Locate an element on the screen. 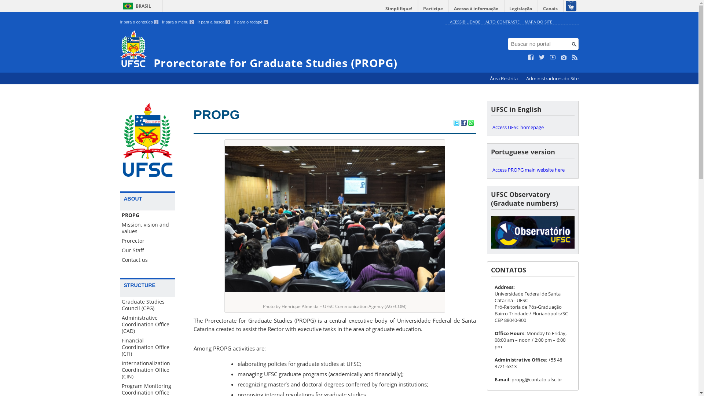 This screenshot has height=396, width=704. 'ALTO CONTRASTE' is located at coordinates (502, 21).